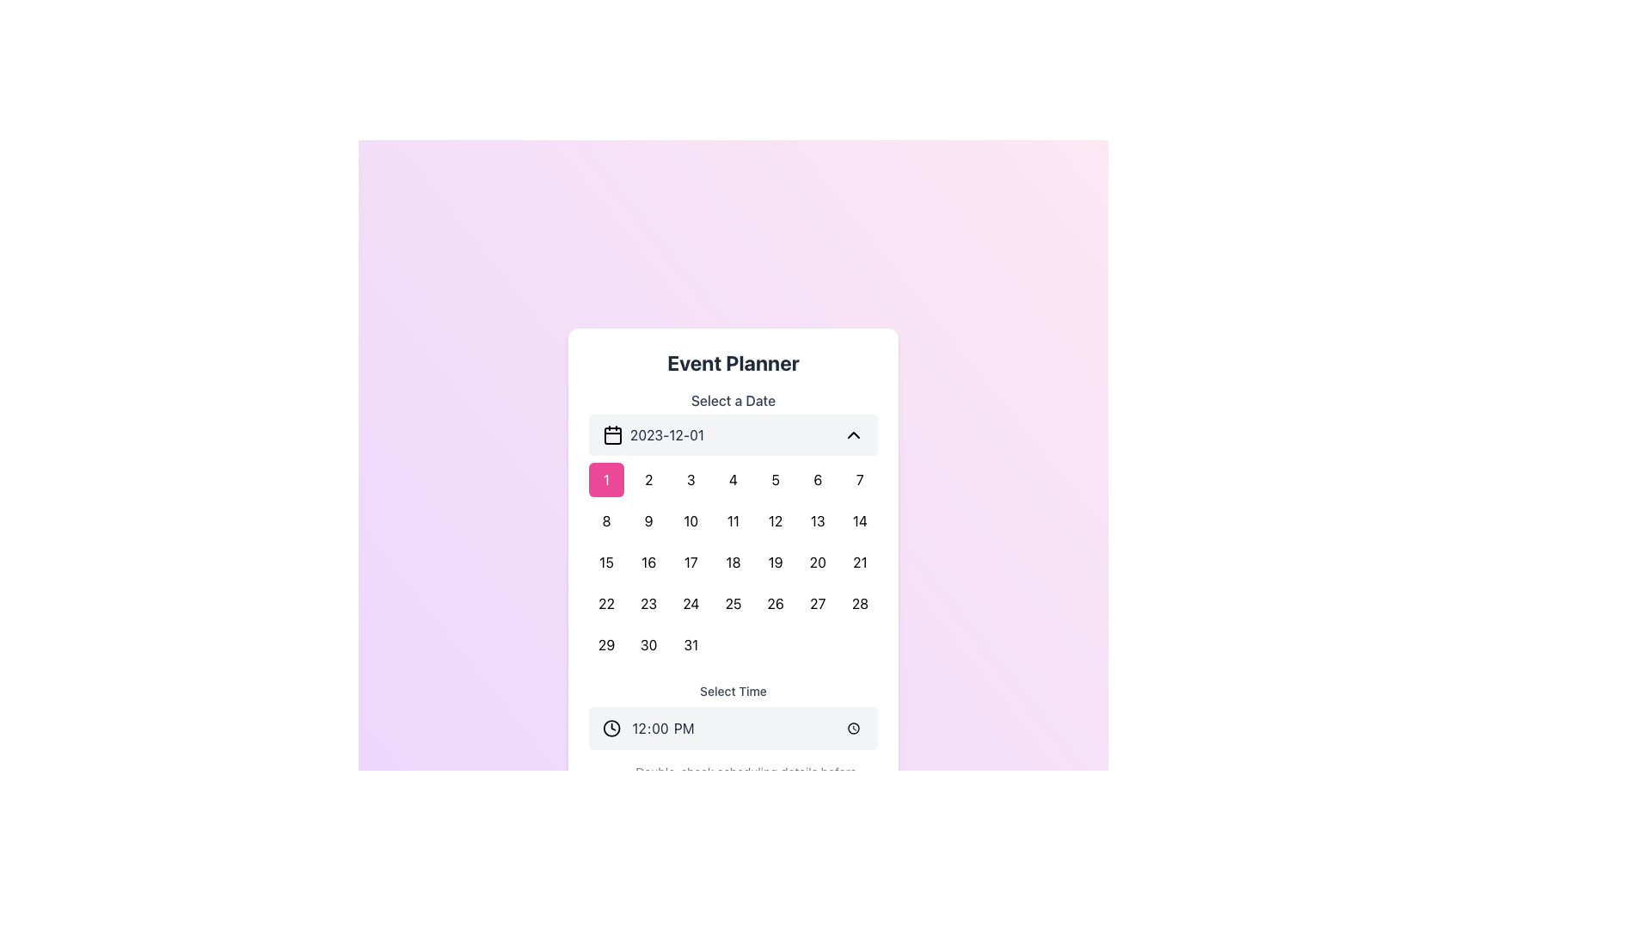  What do you see at coordinates (666, 434) in the screenshot?
I see `the Text Label that displays the currently selected date in the format YYYY-MM-DD, positioned below the calendar icon and aligned horizontally with it` at bounding box center [666, 434].